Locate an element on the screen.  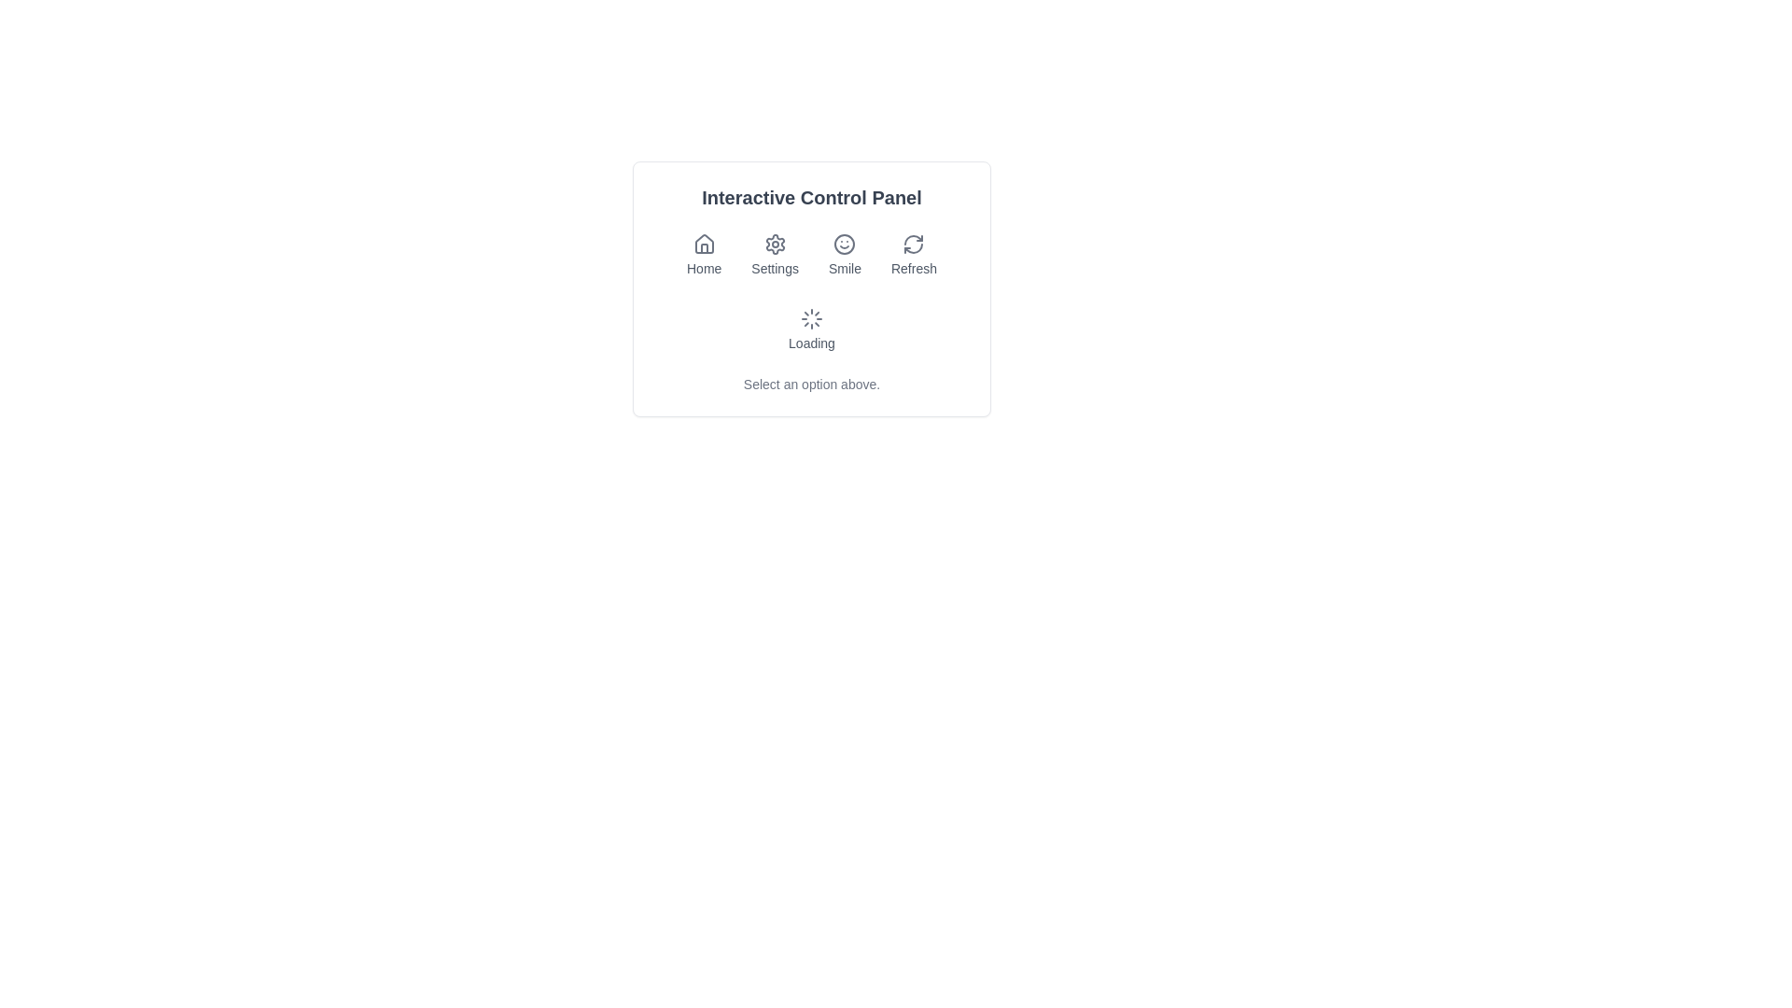
the 'Settings' icon, which is the second icon from the left in the central navigation section is located at coordinates (775, 244).